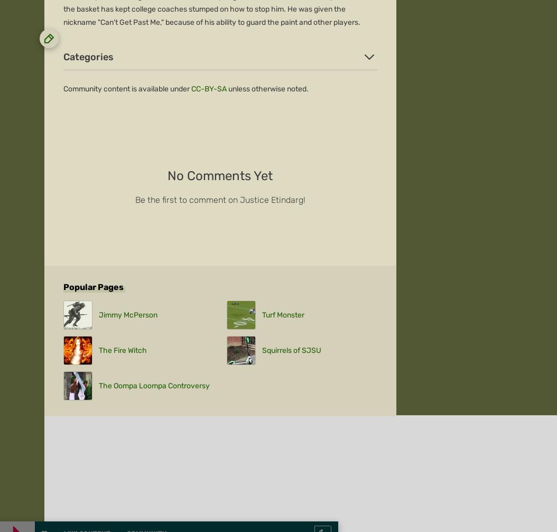 The image size is (557, 532). I want to click on 'Local Sitemap', so click(228, 178).